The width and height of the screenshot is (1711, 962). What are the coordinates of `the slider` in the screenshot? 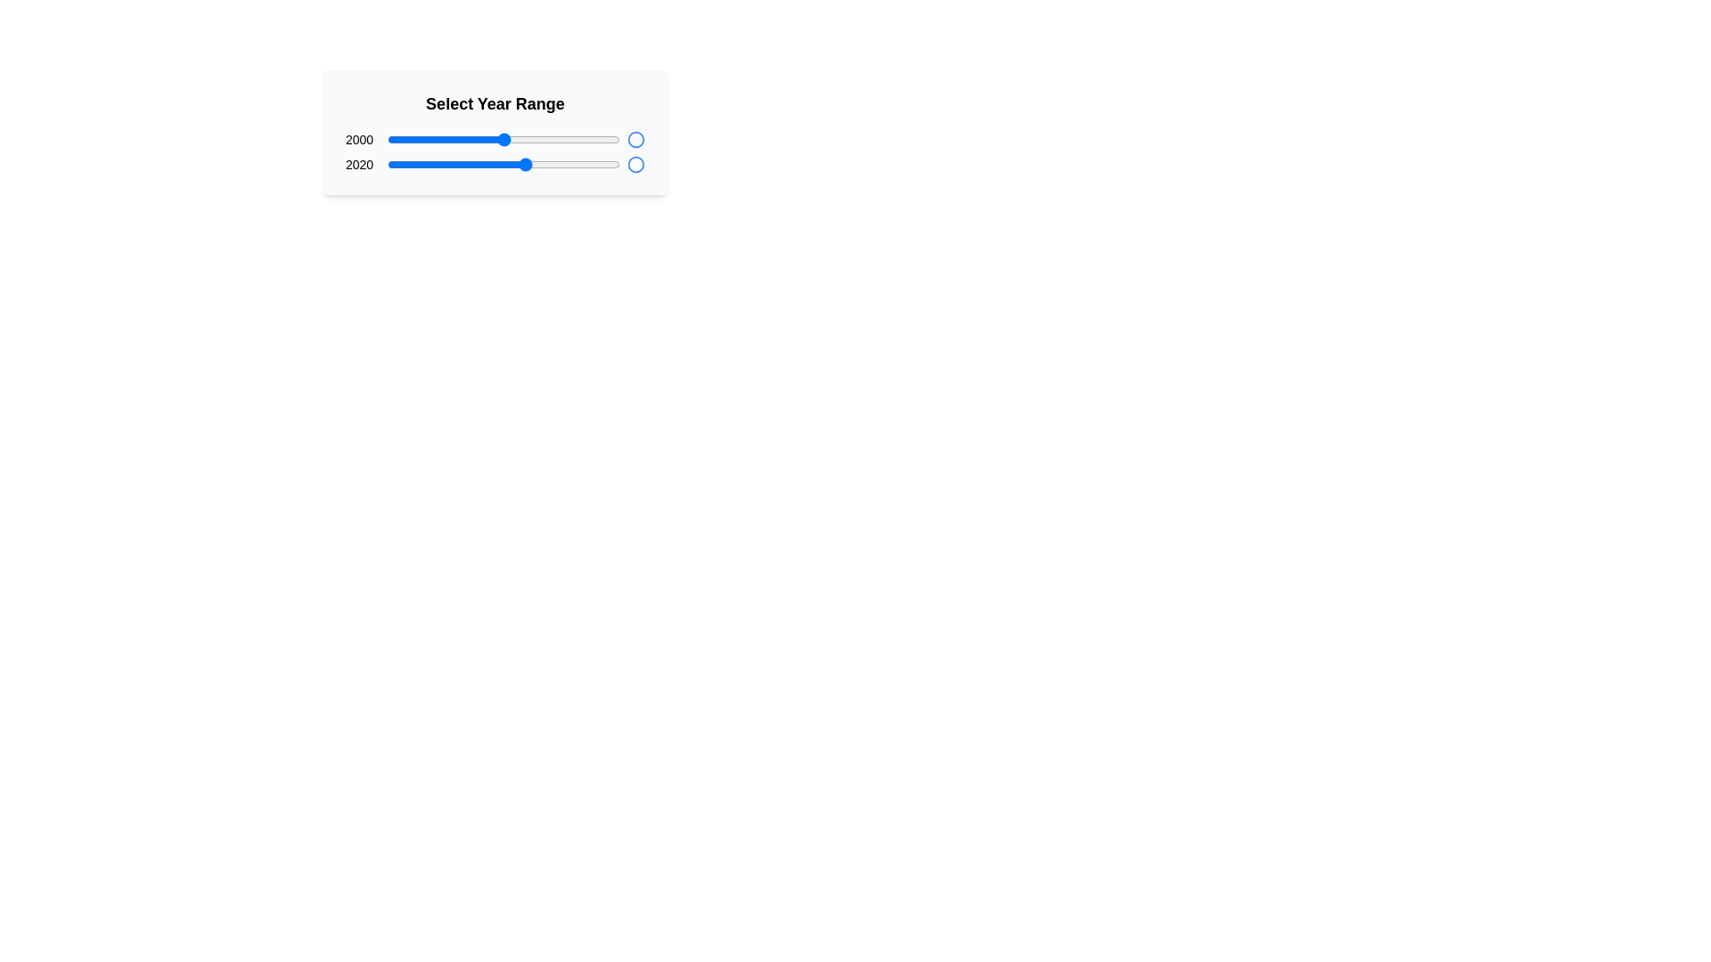 It's located at (478, 139).